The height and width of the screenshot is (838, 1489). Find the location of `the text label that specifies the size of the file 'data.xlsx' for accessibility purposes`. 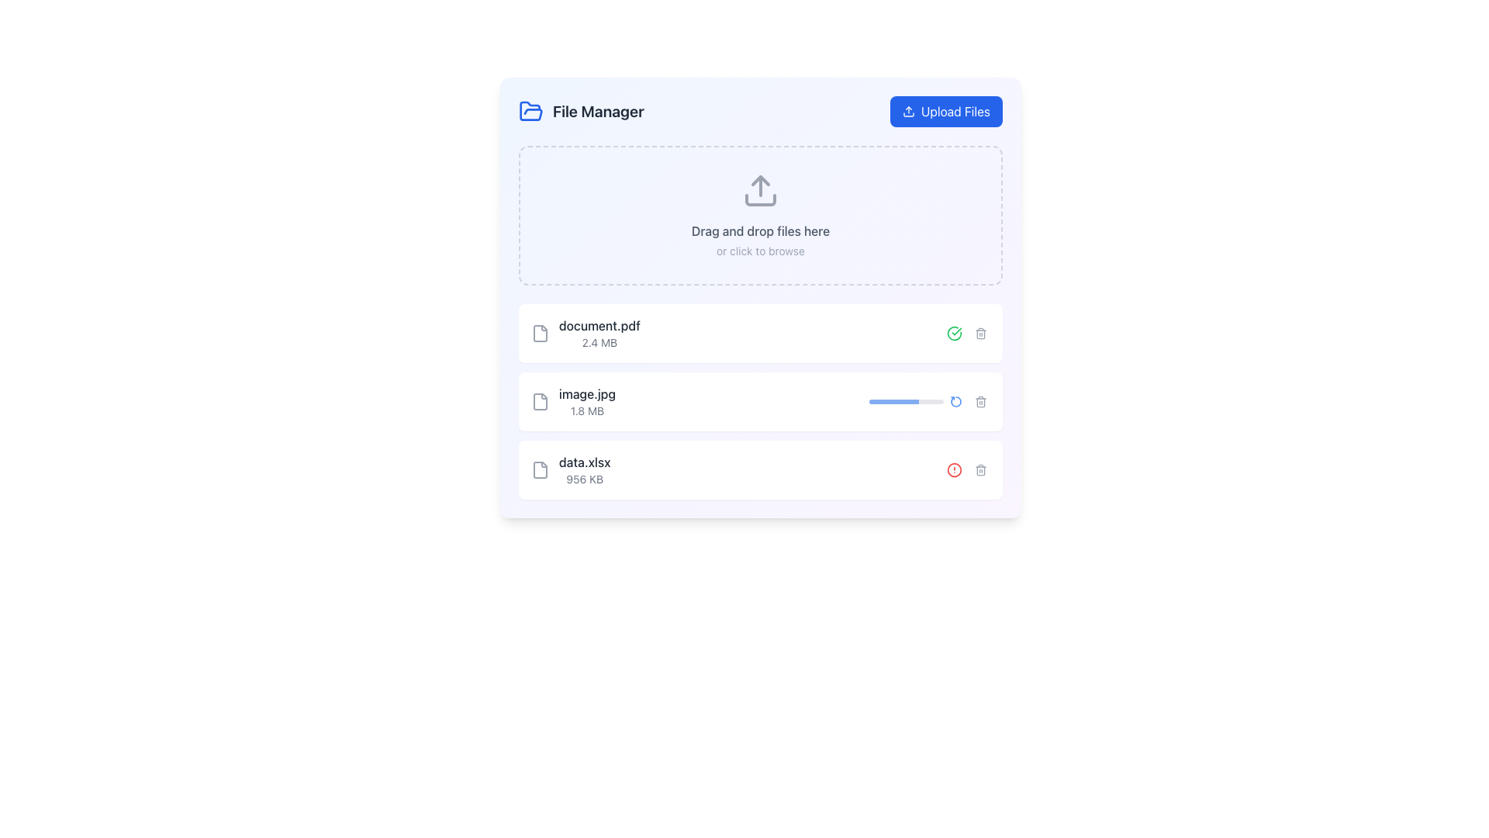

the text label that specifies the size of the file 'data.xlsx' for accessibility purposes is located at coordinates (584, 478).